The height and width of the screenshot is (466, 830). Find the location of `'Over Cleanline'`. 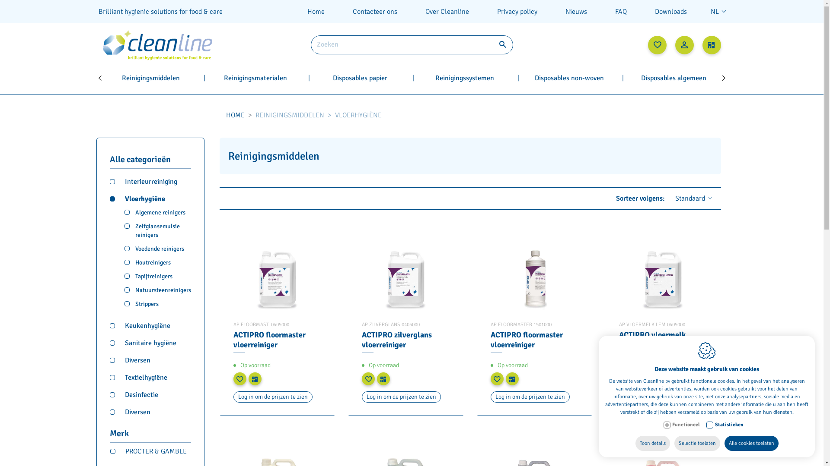

'Over Cleanline' is located at coordinates (447, 12).